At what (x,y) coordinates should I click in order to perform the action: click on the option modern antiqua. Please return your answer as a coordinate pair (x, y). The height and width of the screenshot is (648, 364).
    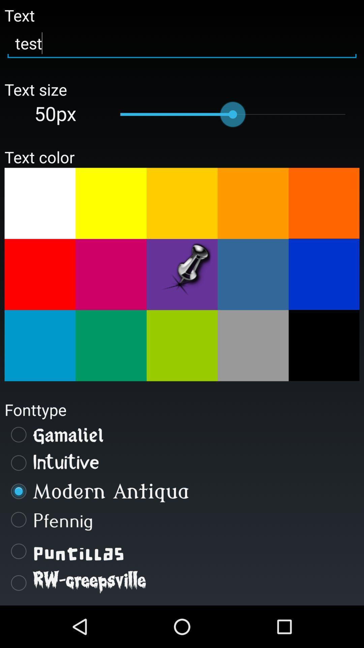
    Looking at the image, I should click on (182, 491).